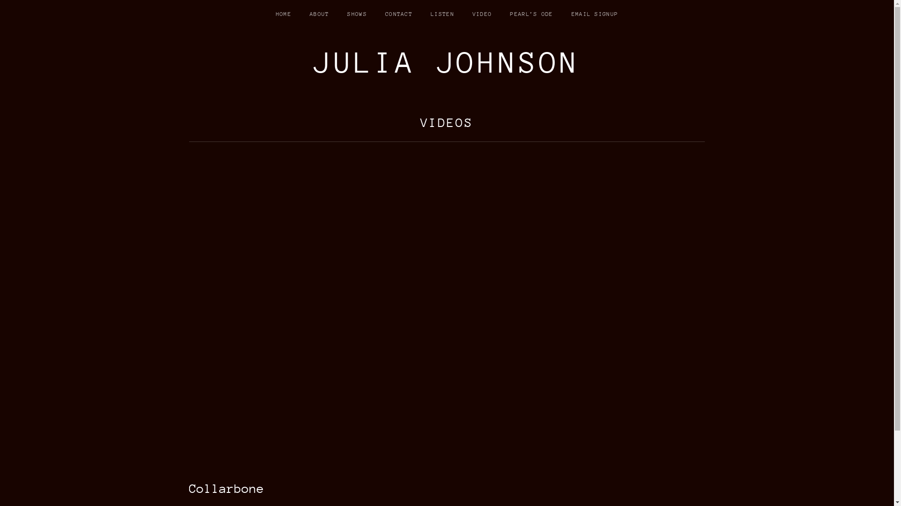  I want to click on 'VIDEOS', so click(446, 122).